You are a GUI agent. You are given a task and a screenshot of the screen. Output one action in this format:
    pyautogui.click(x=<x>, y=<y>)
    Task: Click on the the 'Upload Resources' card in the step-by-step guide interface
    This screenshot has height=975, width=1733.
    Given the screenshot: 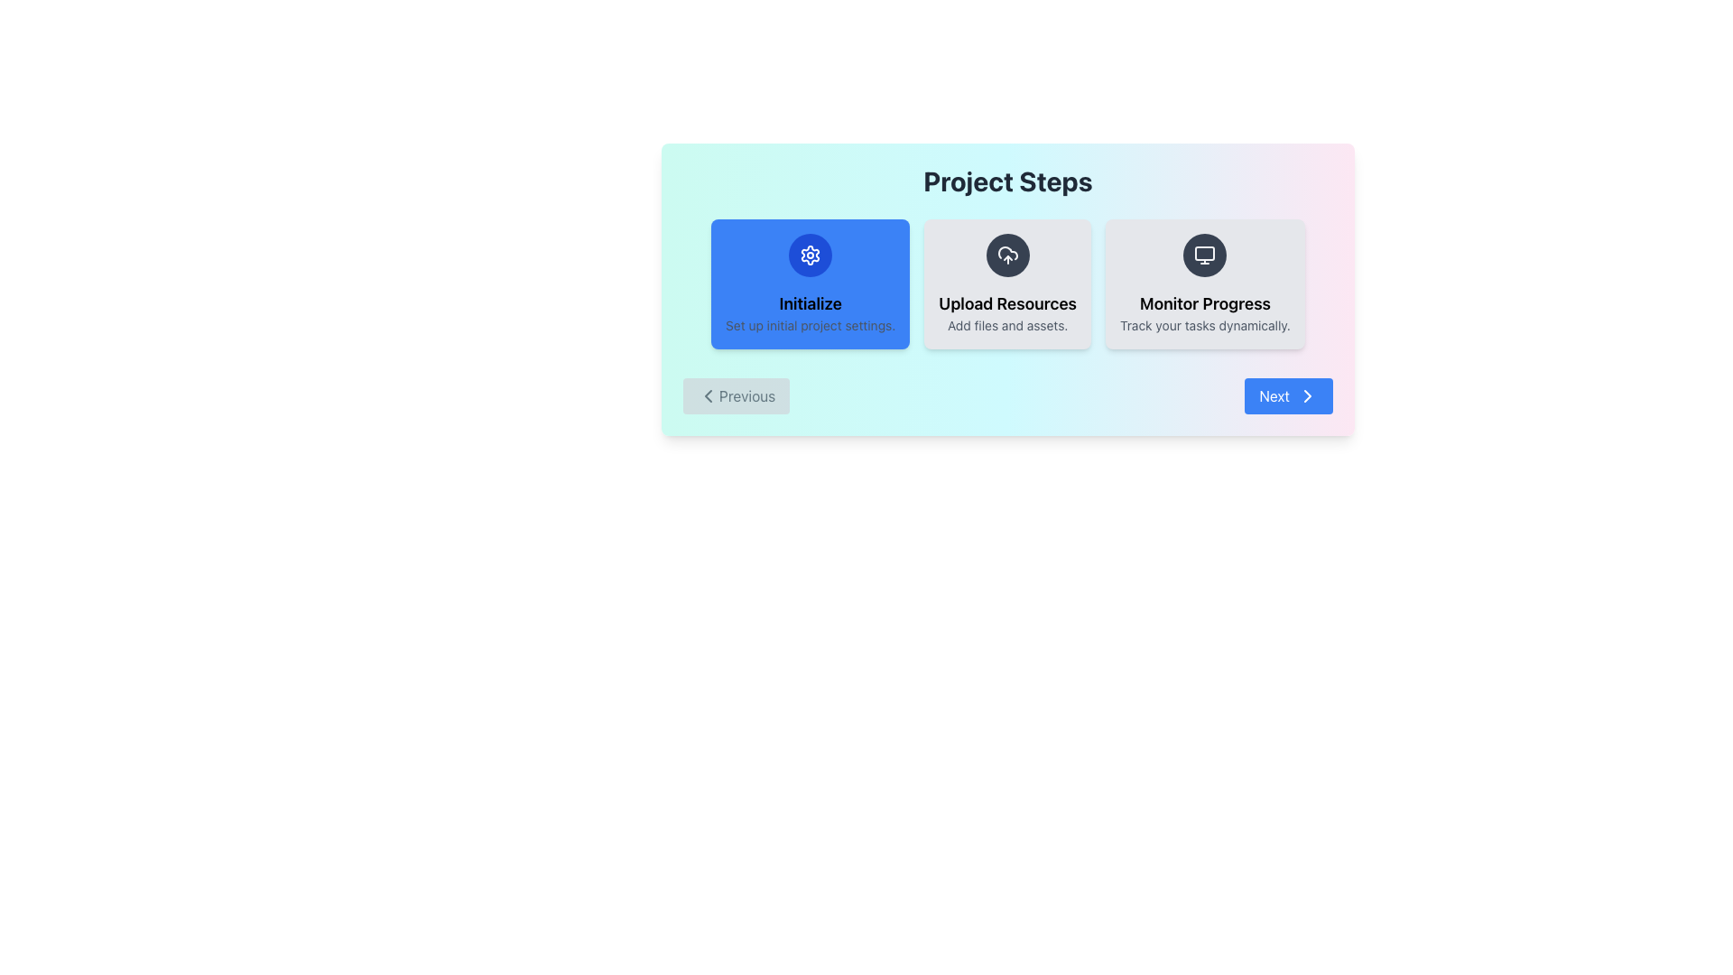 What is the action you would take?
    pyautogui.click(x=1007, y=284)
    